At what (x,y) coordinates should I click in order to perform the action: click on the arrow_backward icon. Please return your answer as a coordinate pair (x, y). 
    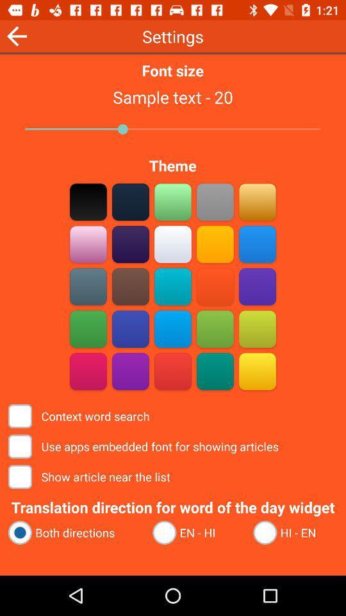
    Looking at the image, I should click on (16, 35).